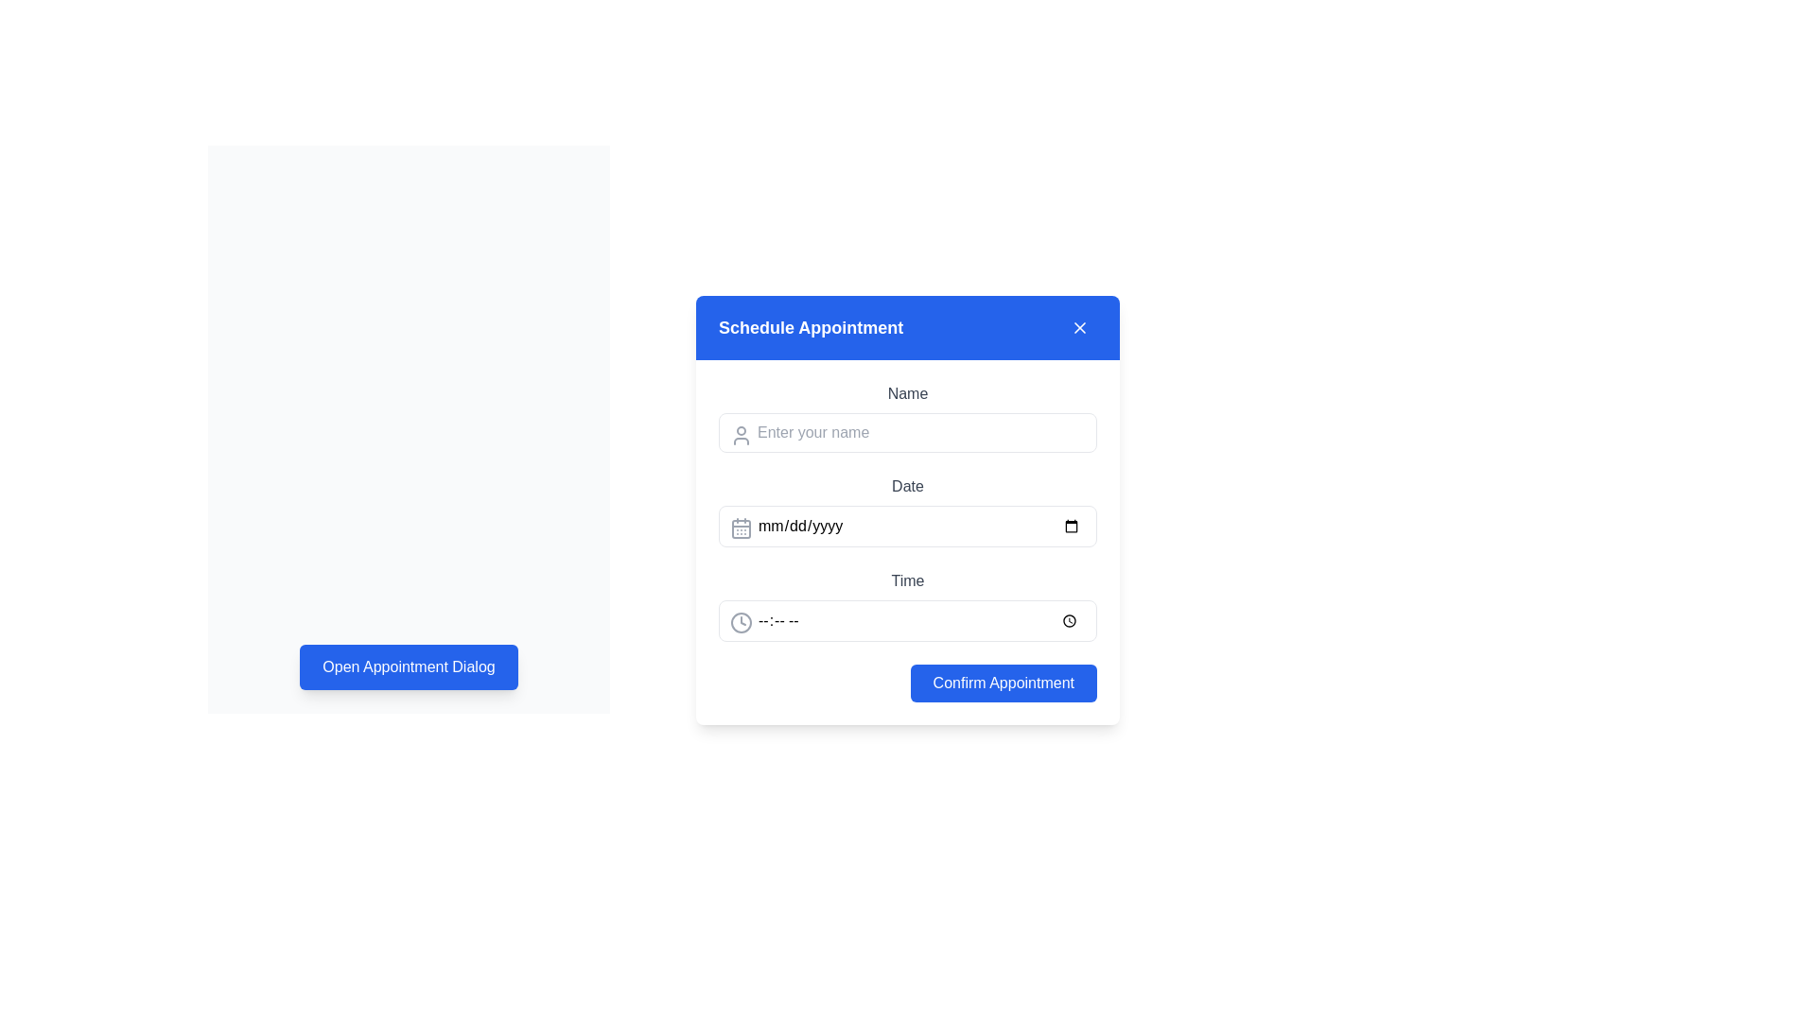  I want to click on the small square button with a blue background and a white 'X' icon located in the top-right corner of the blue header labeled 'Schedule Appointment' to trigger any hover effects, so click(1080, 327).